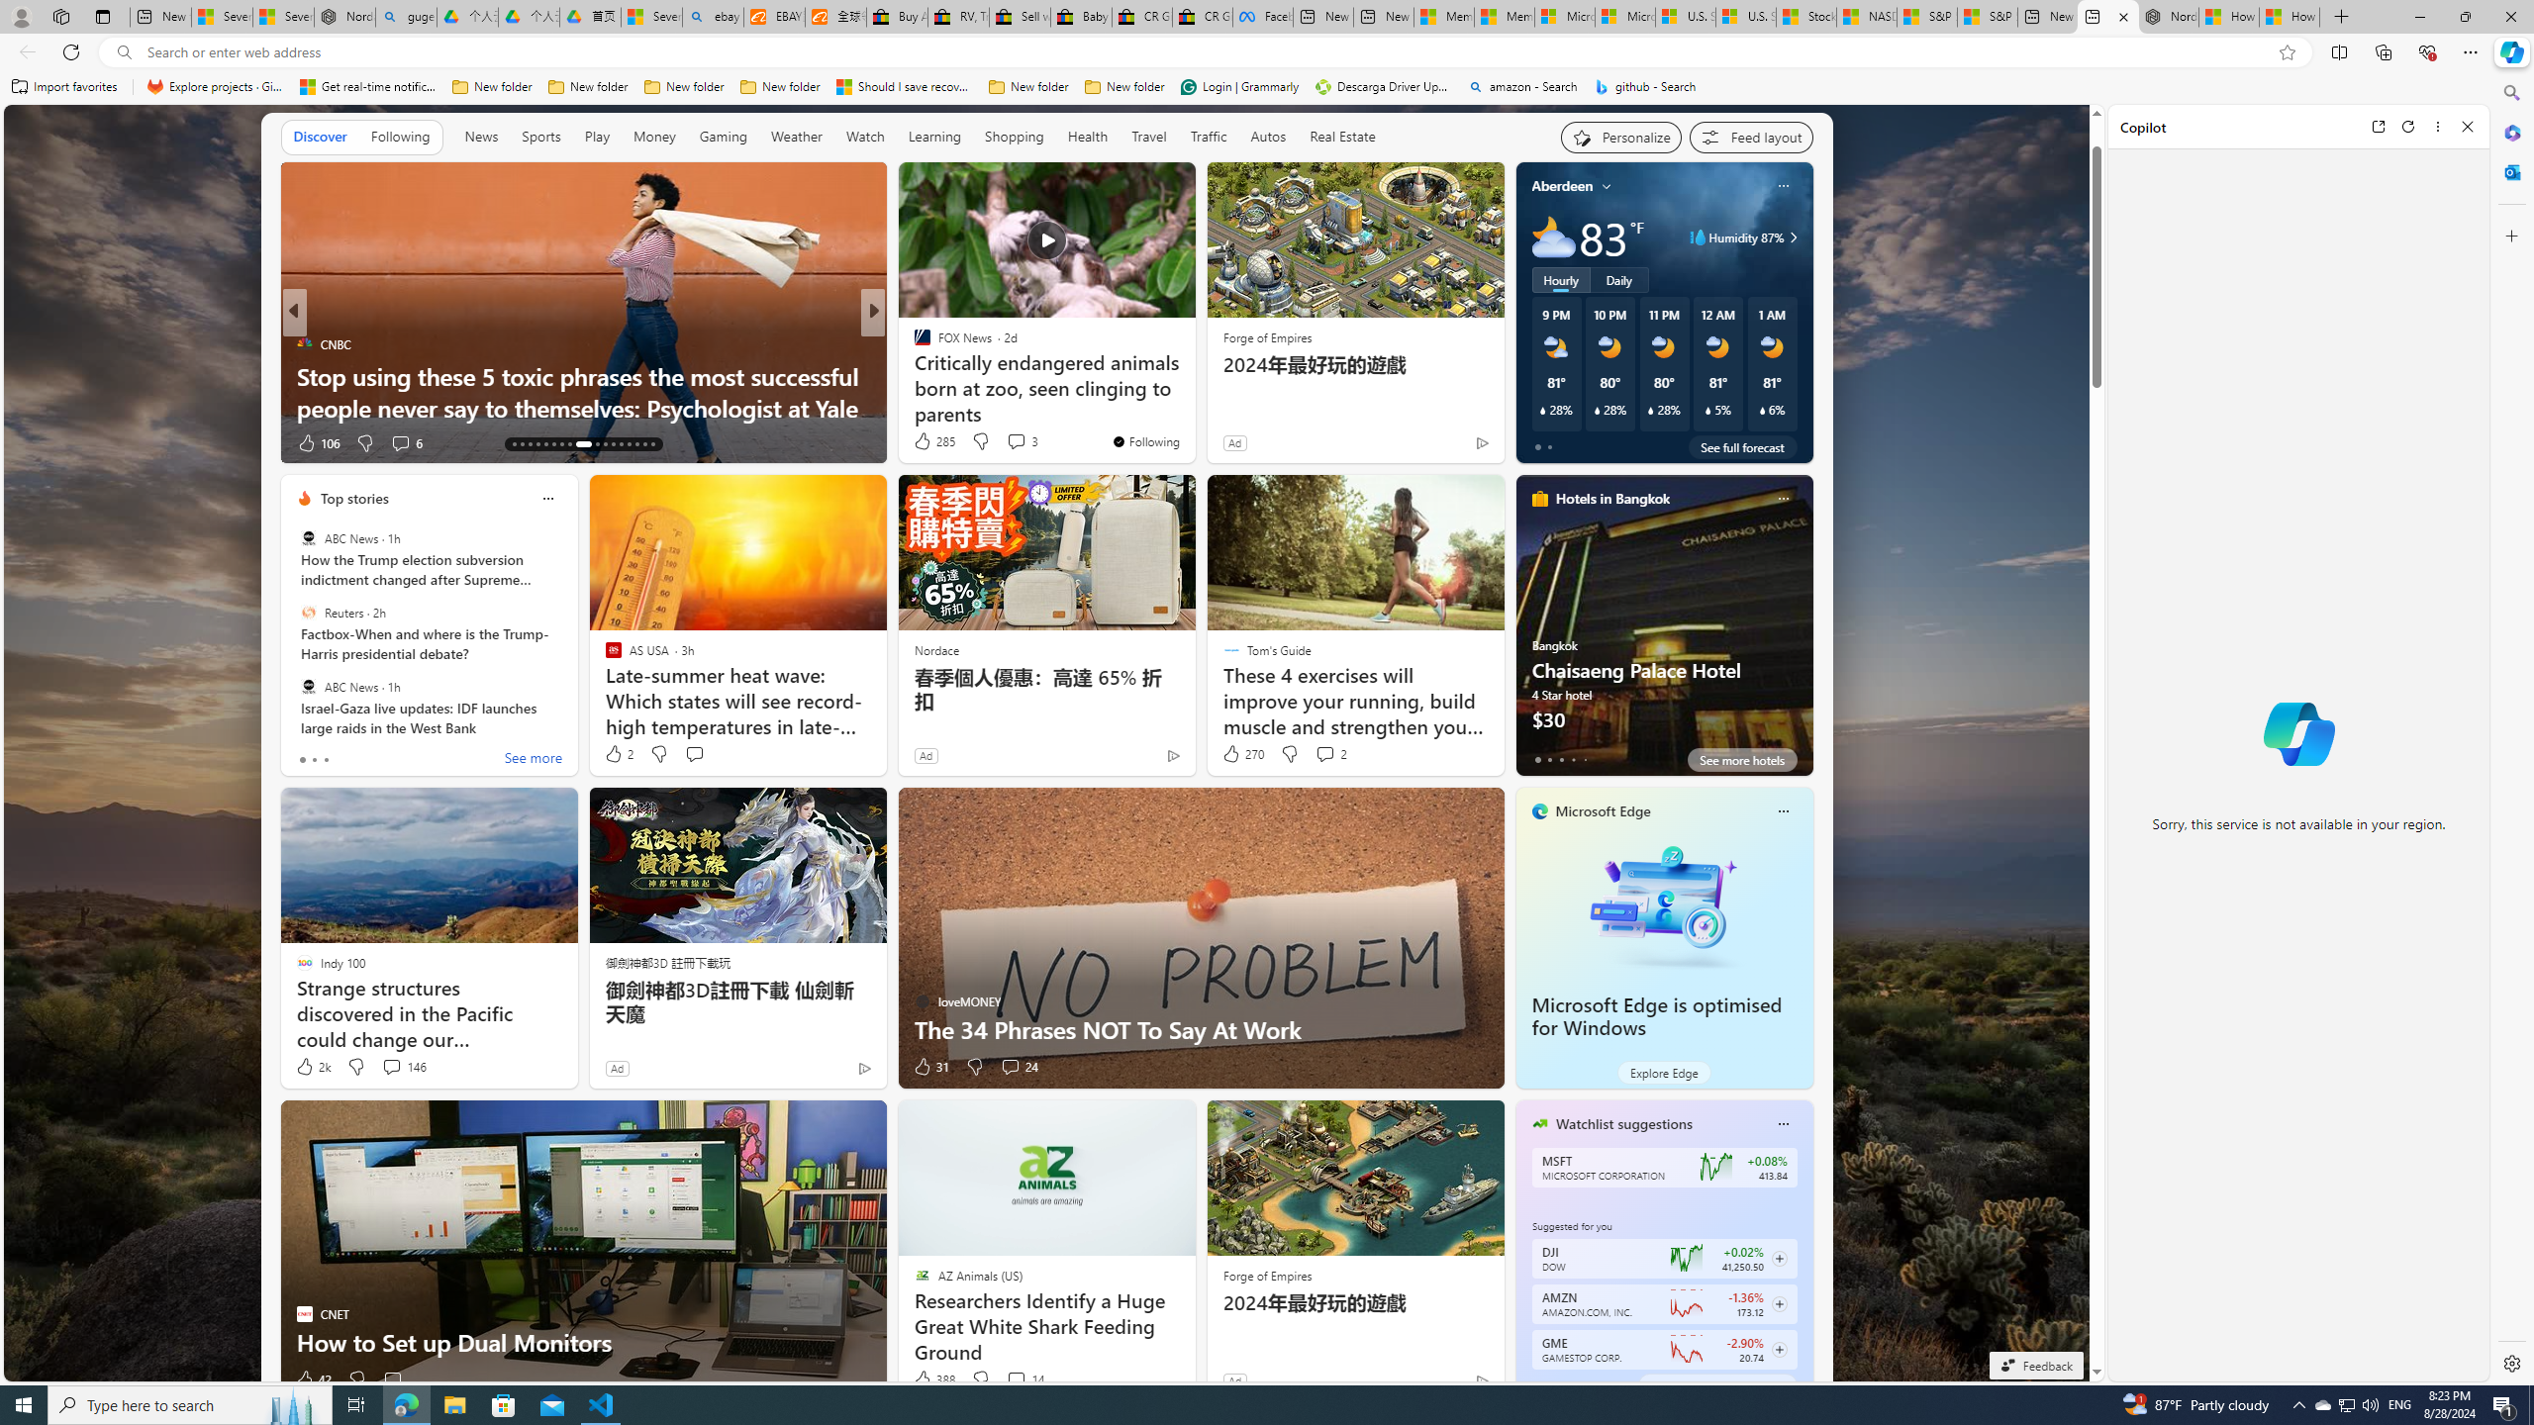  I want to click on '270 Like', so click(1242, 753).